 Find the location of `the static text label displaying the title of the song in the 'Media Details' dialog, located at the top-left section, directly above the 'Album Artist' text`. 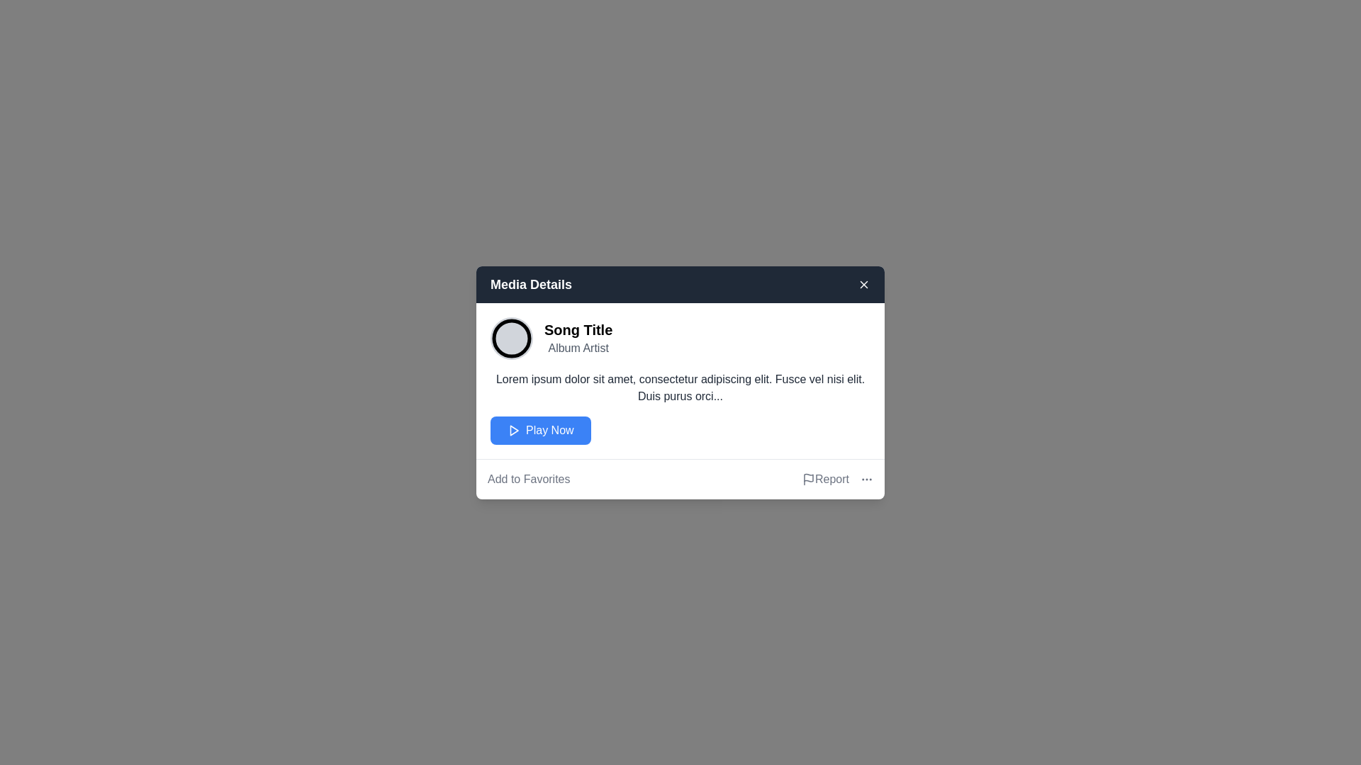

the static text label displaying the title of the song in the 'Media Details' dialog, located at the top-left section, directly above the 'Album Artist' text is located at coordinates (578, 329).